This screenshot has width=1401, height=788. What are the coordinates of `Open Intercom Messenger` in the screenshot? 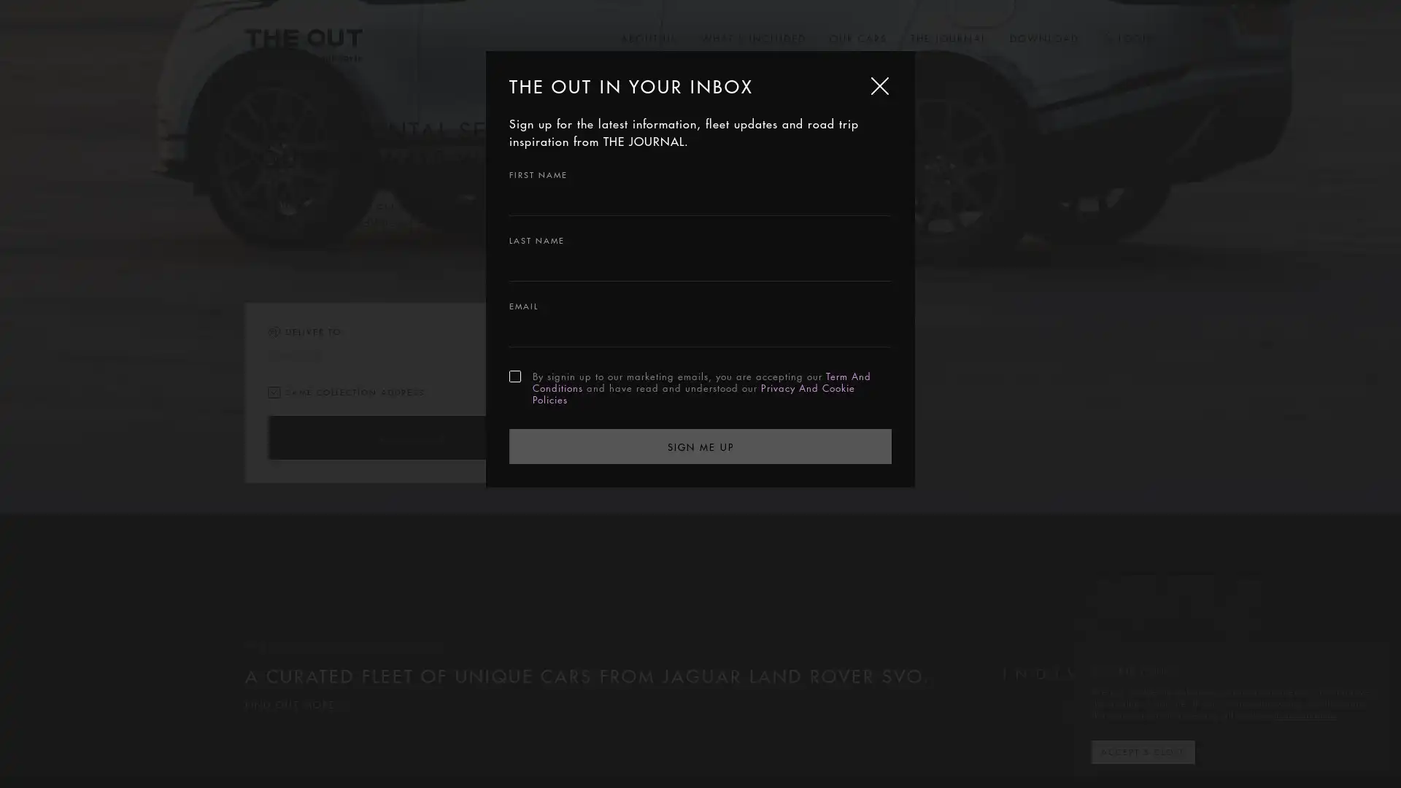 It's located at (1364, 751).